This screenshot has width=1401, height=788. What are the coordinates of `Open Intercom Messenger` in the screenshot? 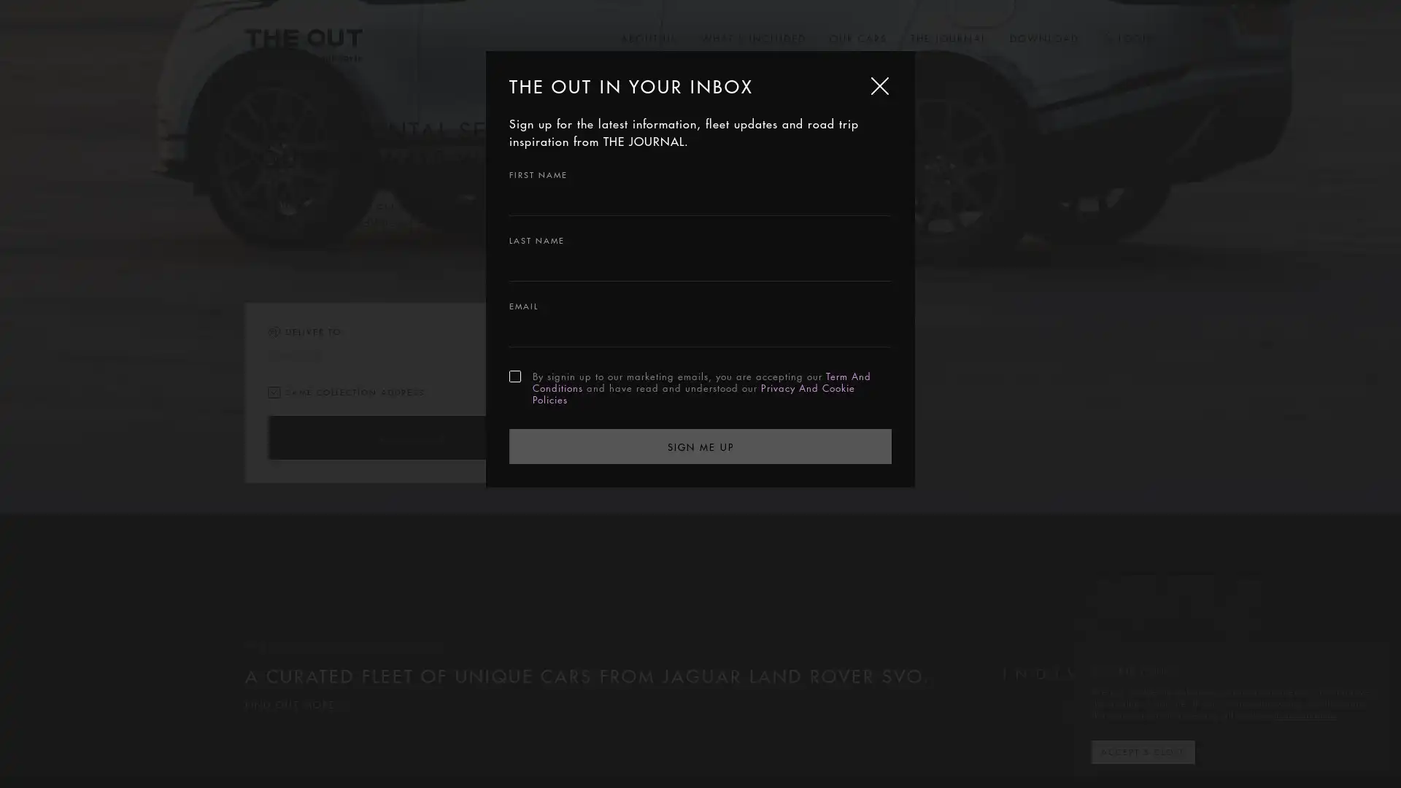 It's located at (1364, 751).